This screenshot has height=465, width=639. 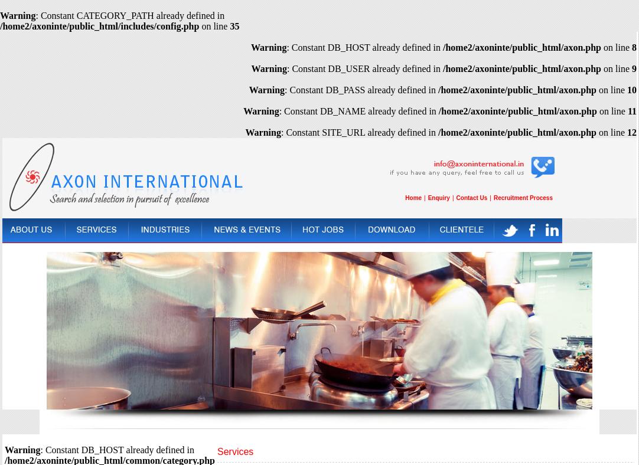 I want to click on 'Contact Us', so click(x=471, y=197).